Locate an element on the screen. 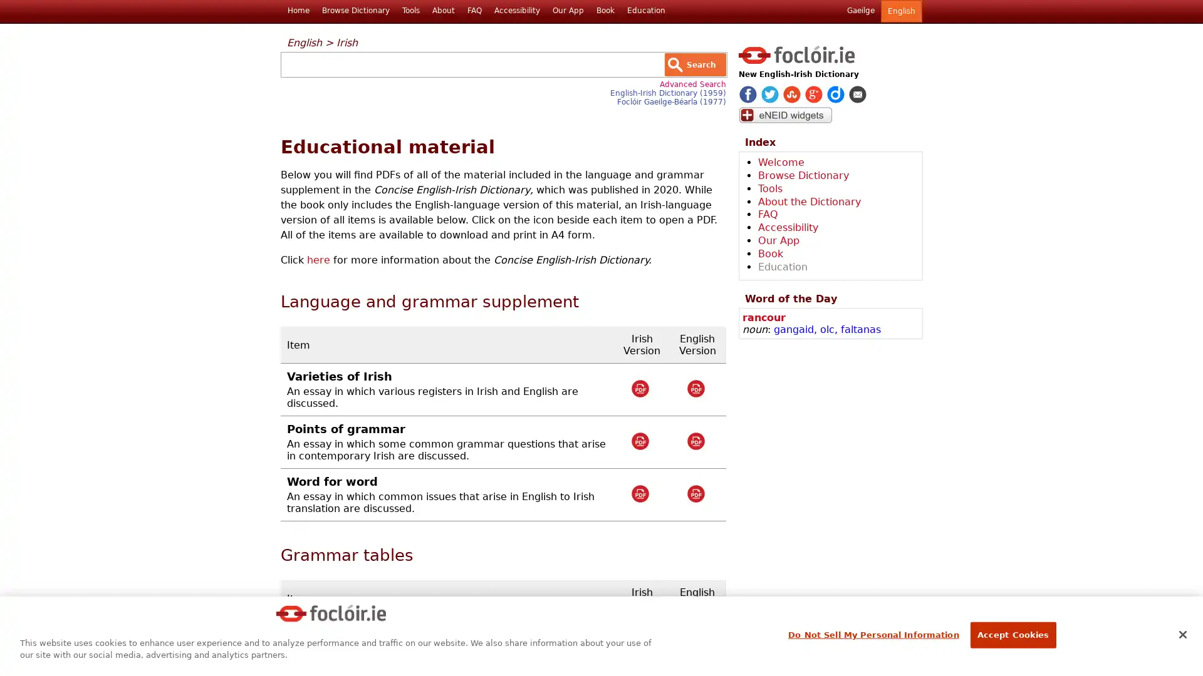 This screenshot has width=1203, height=676. Accept Cookies is located at coordinates (1013, 635).